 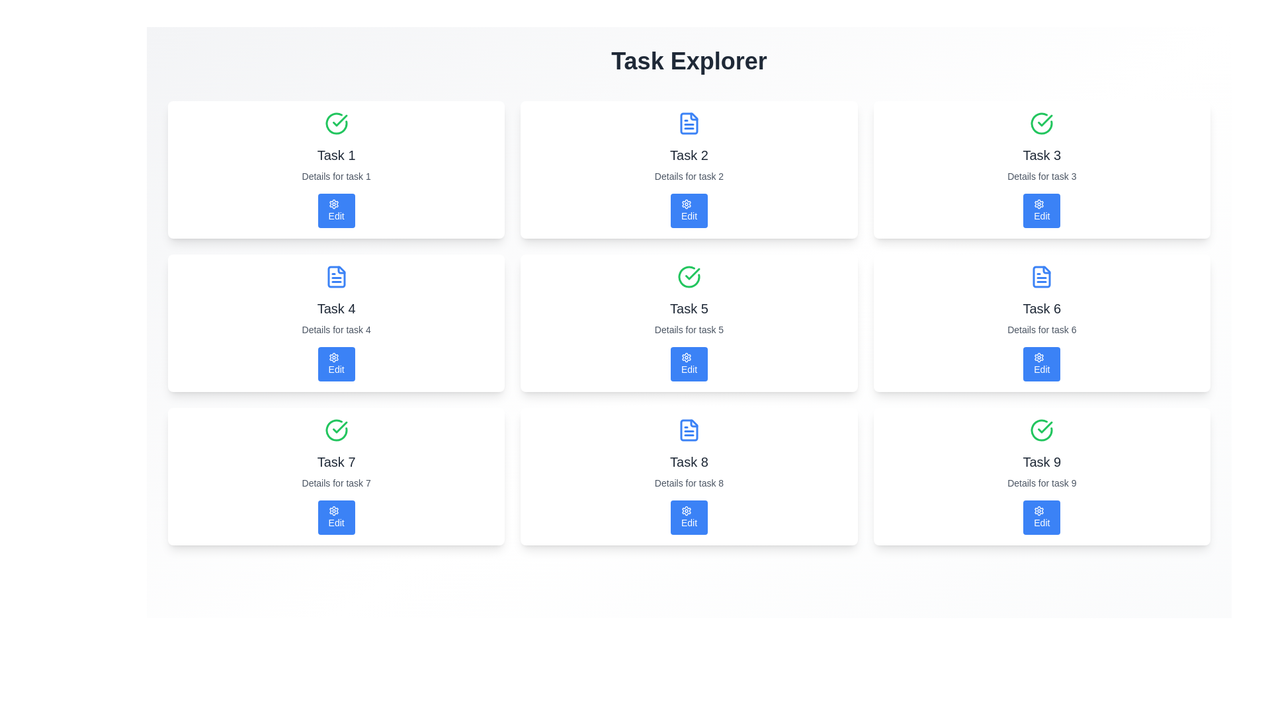 I want to click on the text label reading 'Details for task 7', which is styled with small-sized, gray-colored text and positioned below the heading 'Task 7' within the seventh card of a 3x3 grid layout, so click(x=336, y=483).